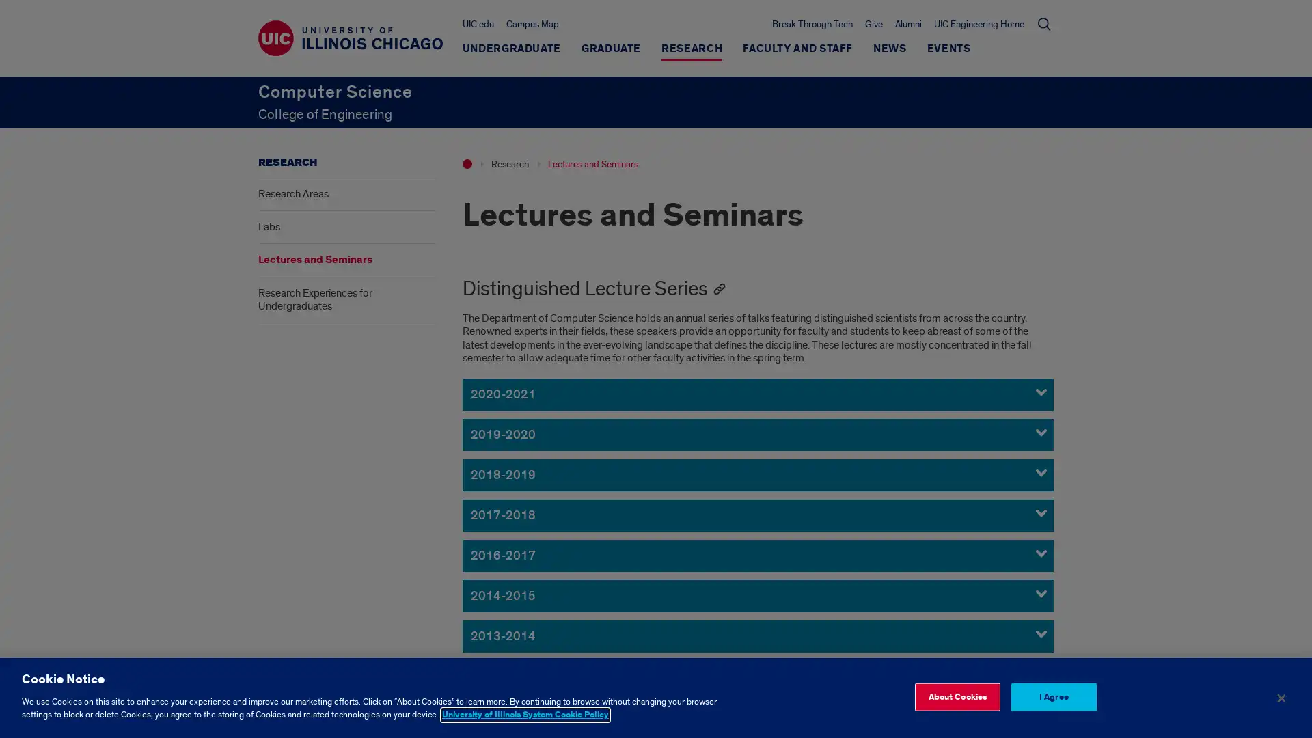 Image resolution: width=1312 pixels, height=738 pixels. What do you see at coordinates (956, 696) in the screenshot?
I see `About Cookies` at bounding box center [956, 696].